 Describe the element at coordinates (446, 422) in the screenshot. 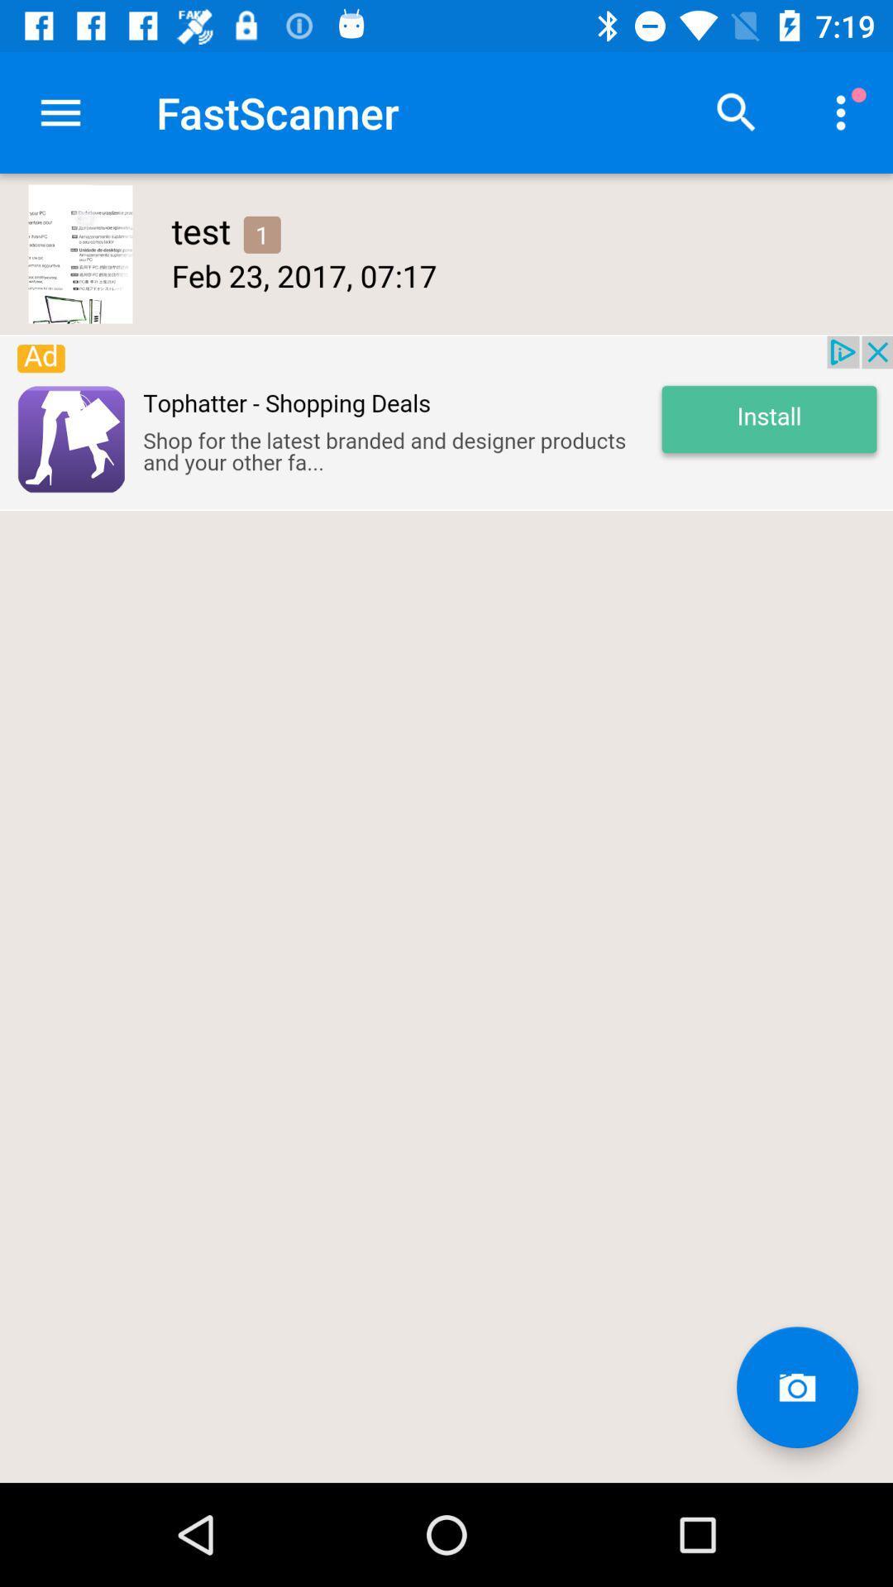

I see `visit advertiser` at that location.